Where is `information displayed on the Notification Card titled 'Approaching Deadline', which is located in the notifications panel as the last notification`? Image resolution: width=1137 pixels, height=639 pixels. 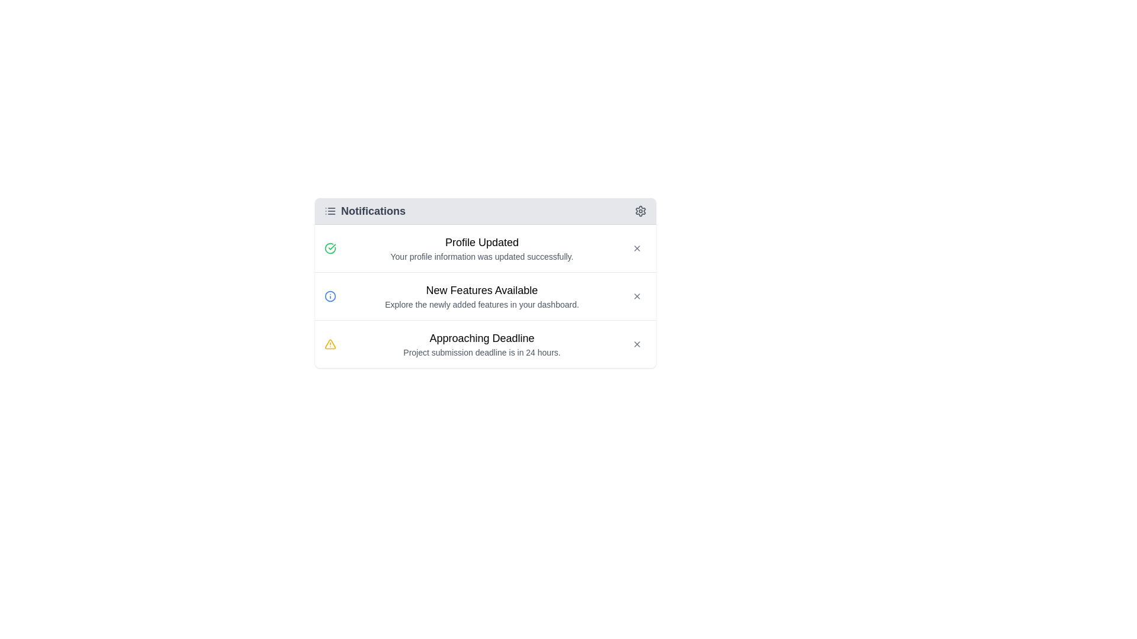 information displayed on the Notification Card titled 'Approaching Deadline', which is located in the notifications panel as the last notification is located at coordinates (486, 344).